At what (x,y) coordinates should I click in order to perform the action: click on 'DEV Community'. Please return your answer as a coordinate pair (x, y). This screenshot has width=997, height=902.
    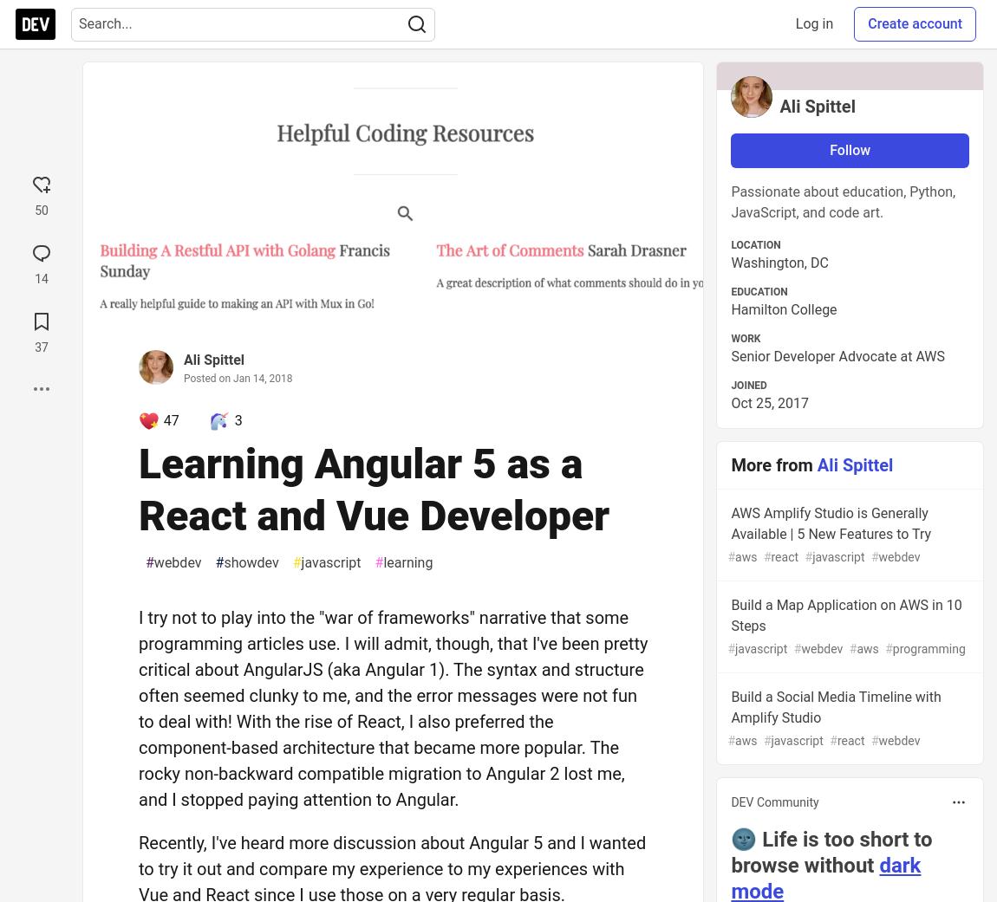
    Looking at the image, I should click on (774, 801).